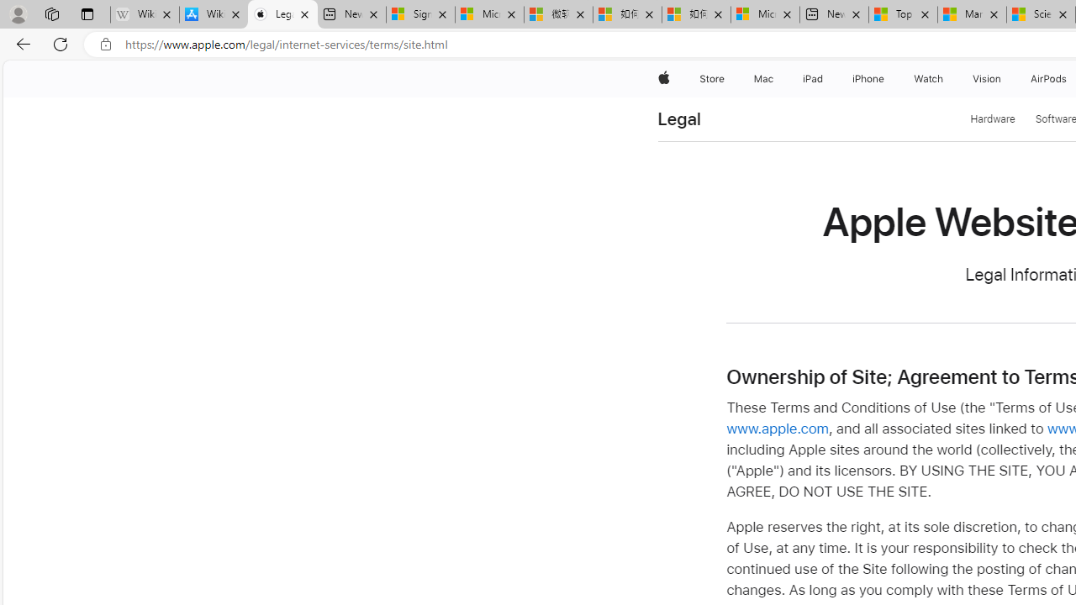 Image resolution: width=1076 pixels, height=605 pixels. What do you see at coordinates (1048, 78) in the screenshot?
I see `'AirPods'` at bounding box center [1048, 78].